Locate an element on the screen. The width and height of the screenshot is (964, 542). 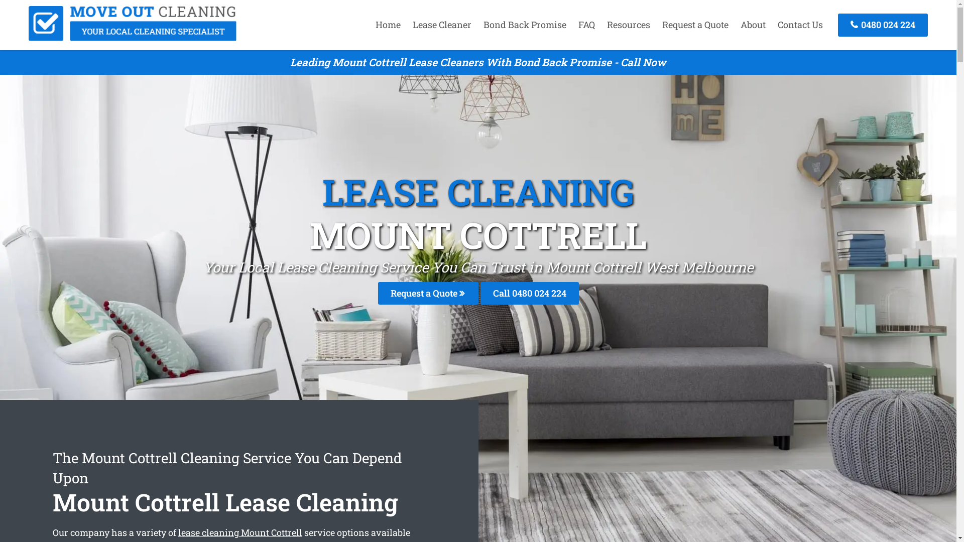
'Bond Back Promise' is located at coordinates (478, 24).